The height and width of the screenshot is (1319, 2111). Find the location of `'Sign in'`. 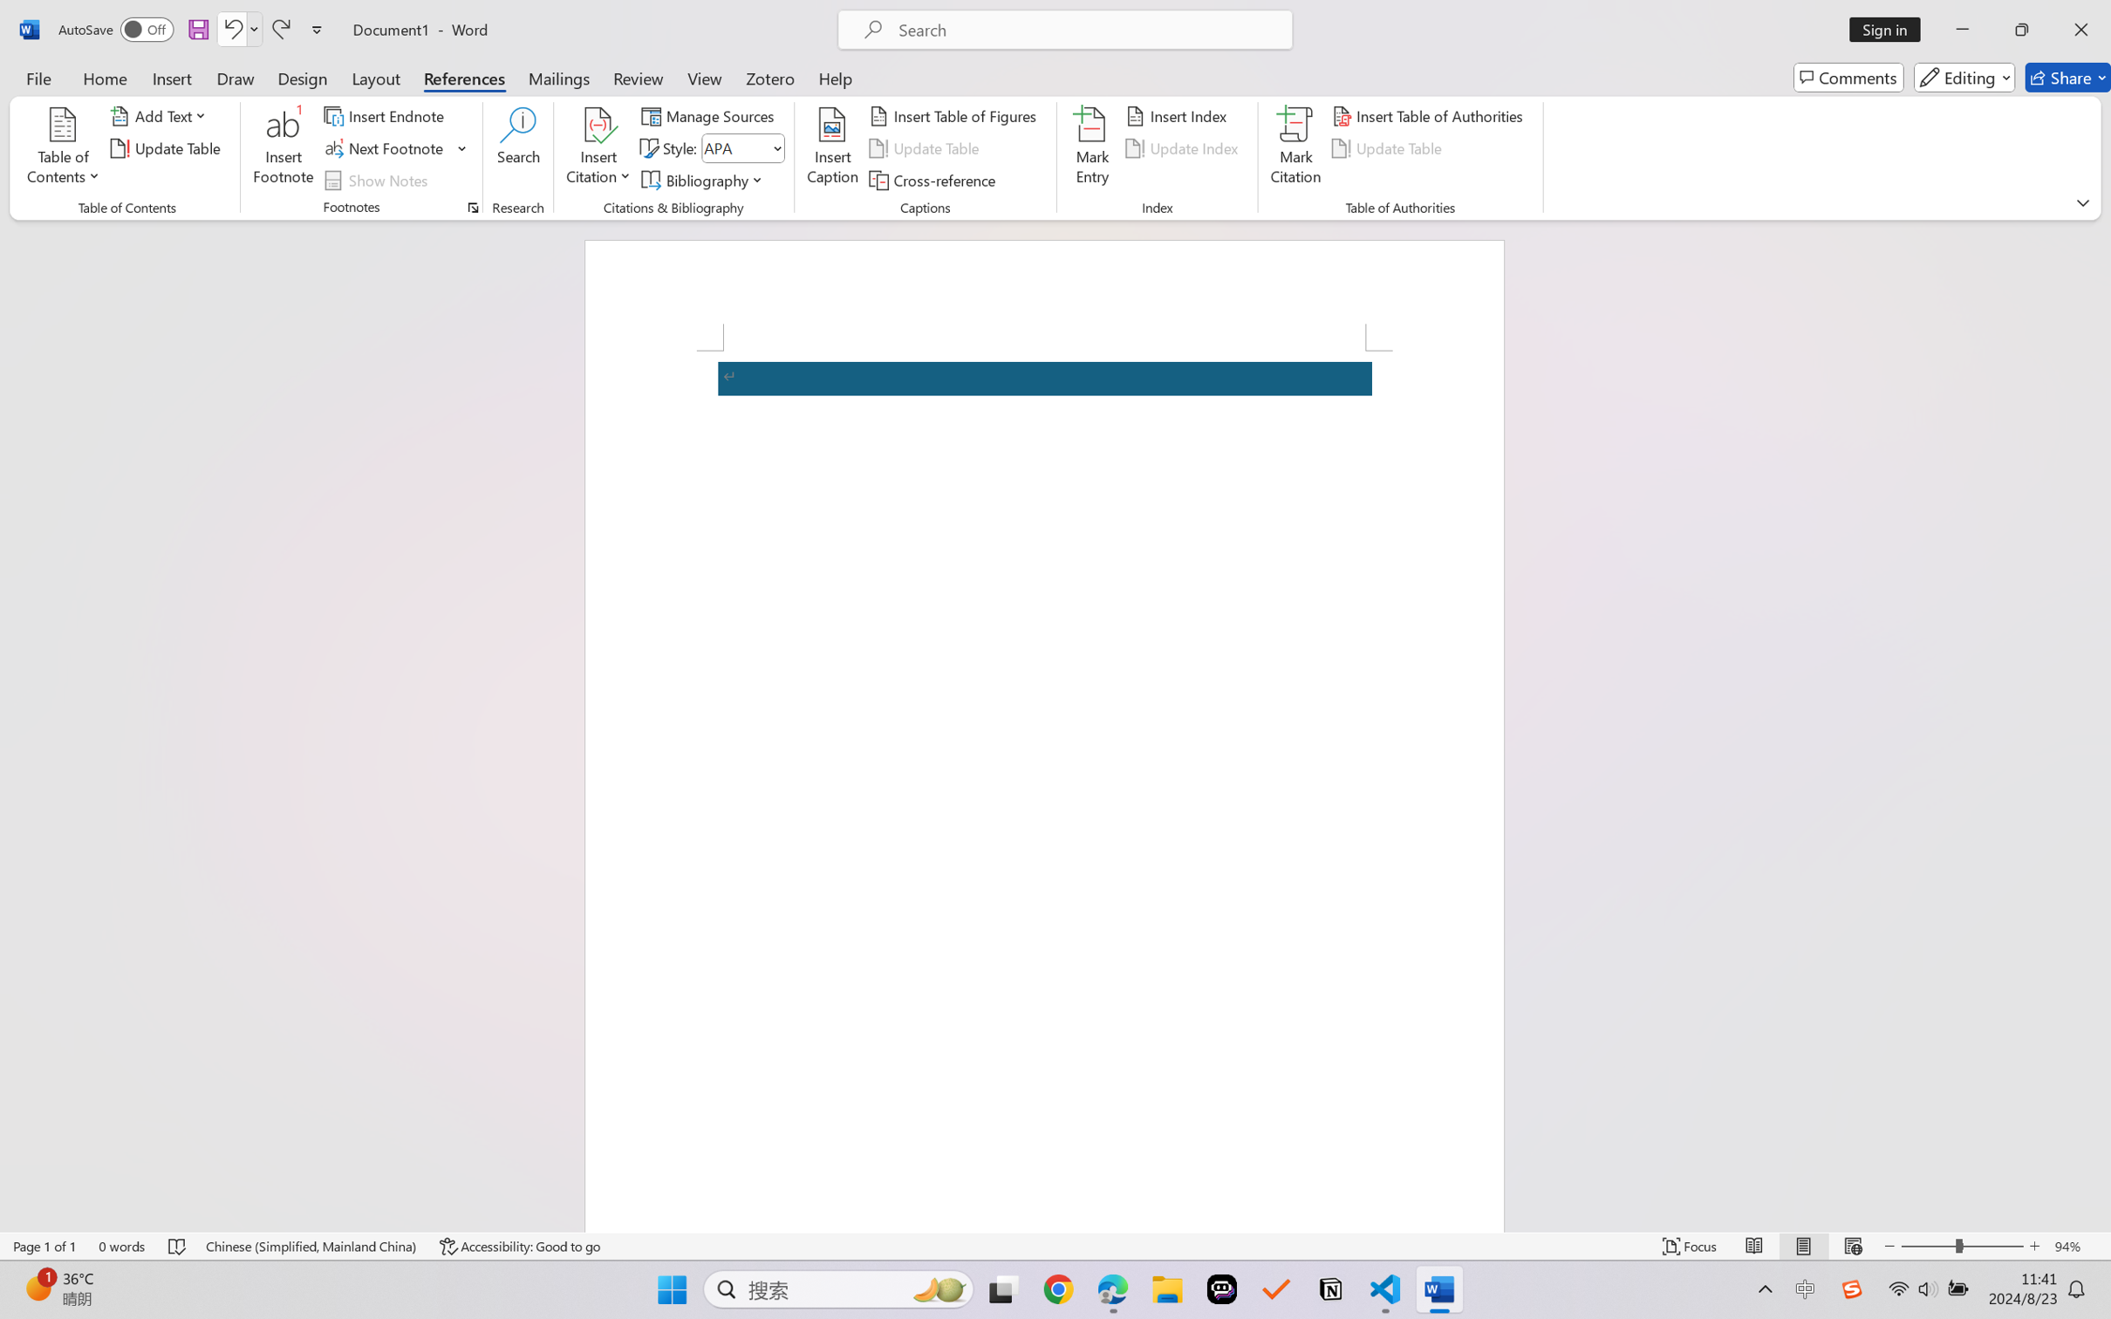

'Sign in' is located at coordinates (1891, 29).